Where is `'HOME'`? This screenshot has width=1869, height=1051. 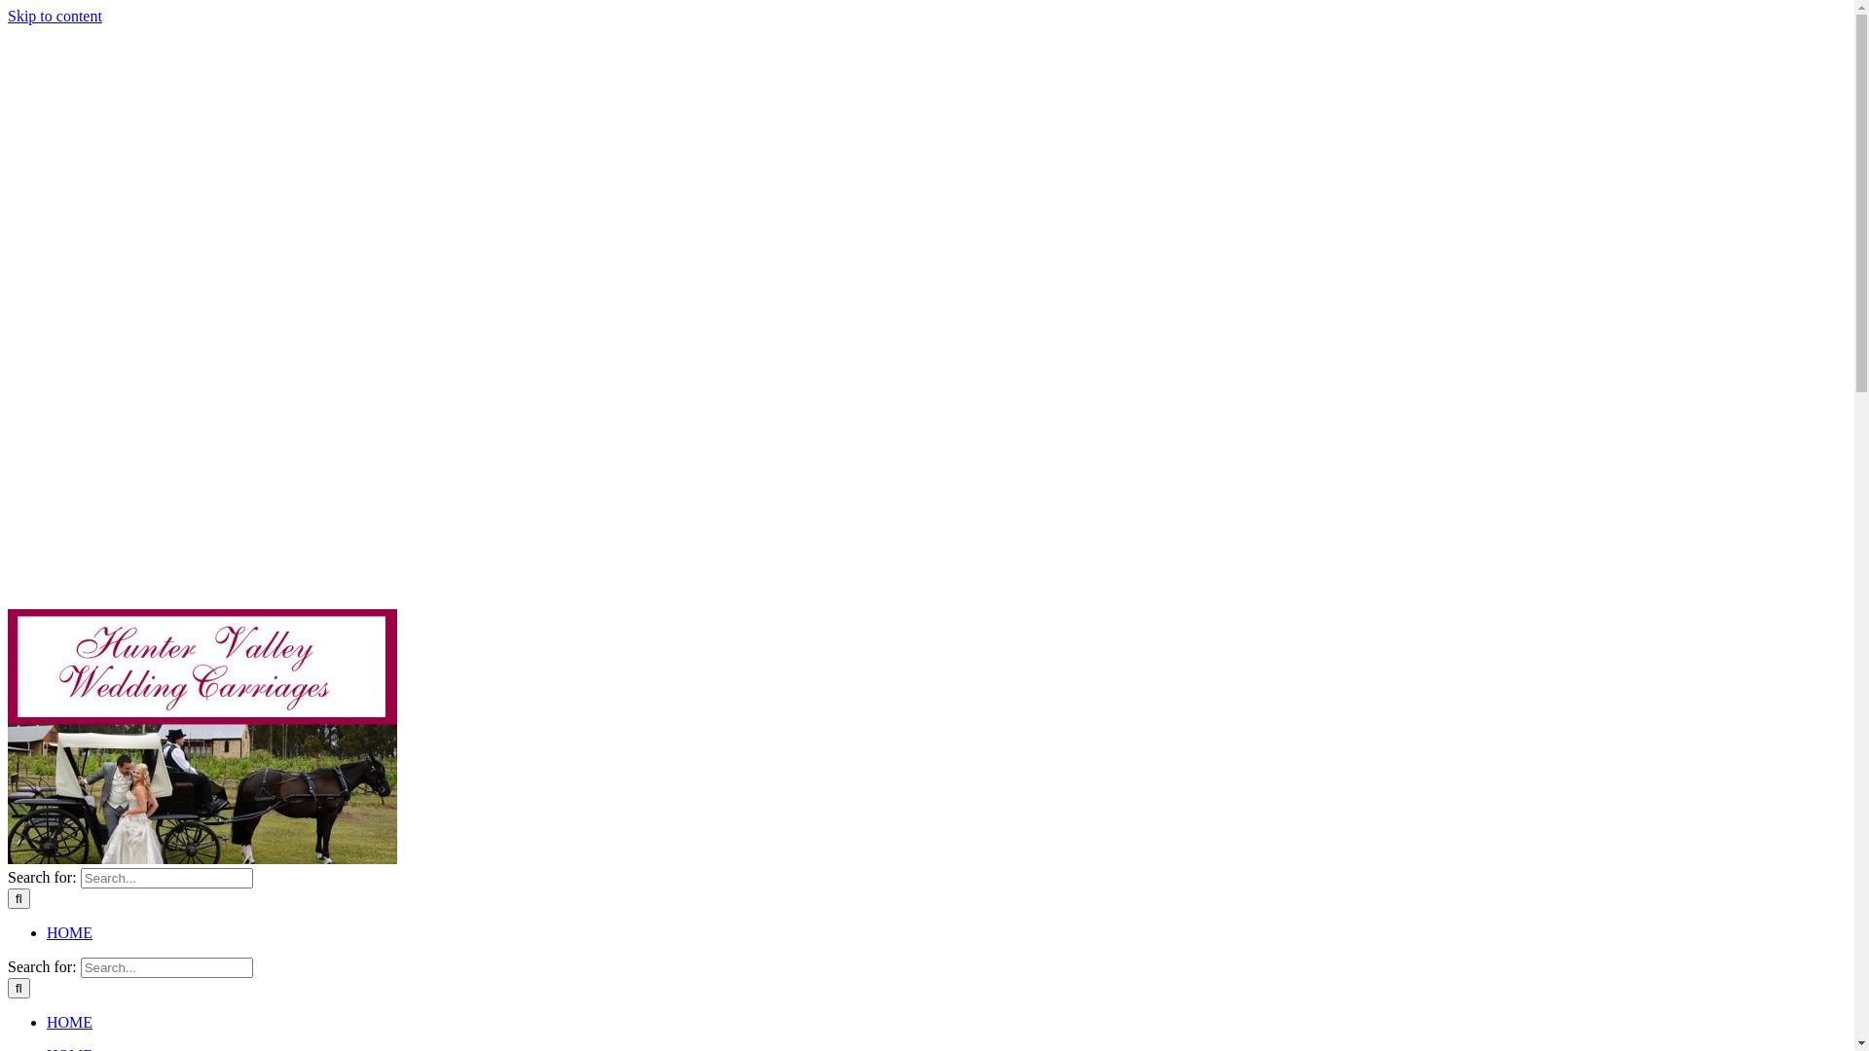
'HOME' is located at coordinates (79, 1021).